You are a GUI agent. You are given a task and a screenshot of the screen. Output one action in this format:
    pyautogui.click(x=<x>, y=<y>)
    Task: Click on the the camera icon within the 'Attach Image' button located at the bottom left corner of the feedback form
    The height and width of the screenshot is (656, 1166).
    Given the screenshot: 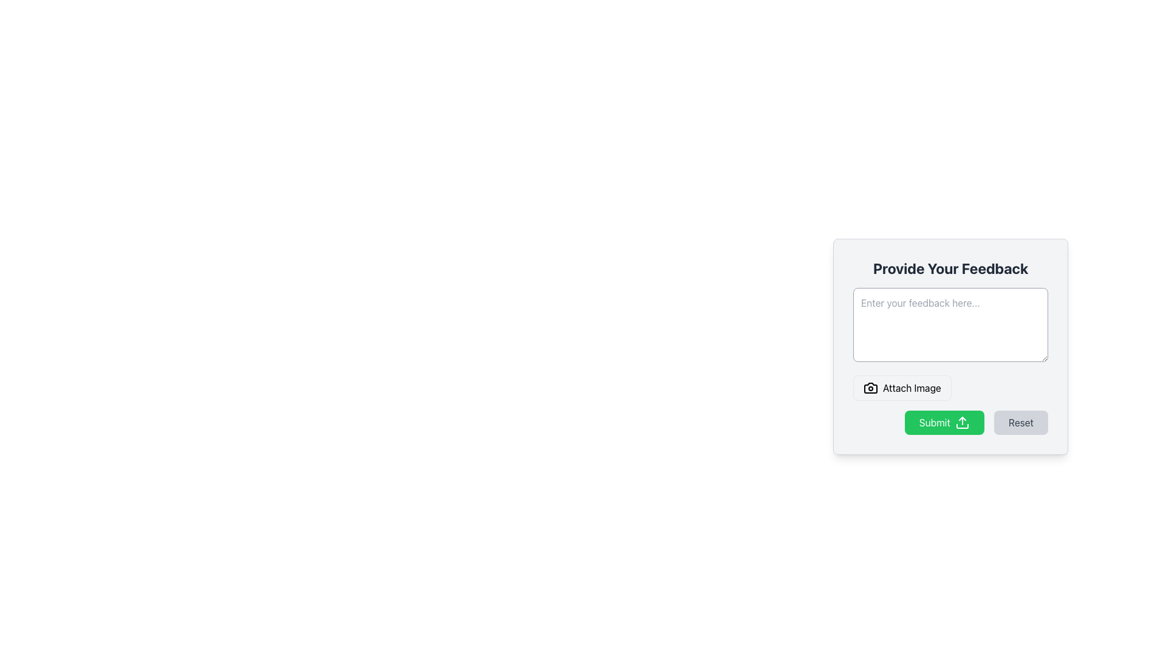 What is the action you would take?
    pyautogui.click(x=870, y=388)
    